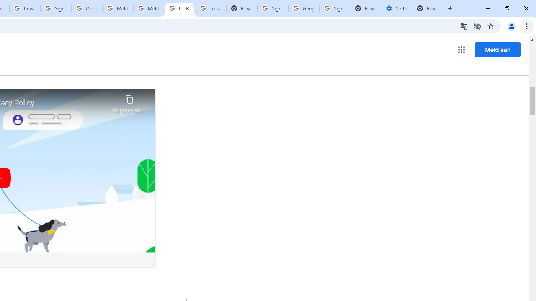  What do you see at coordinates (129, 102) in the screenshot?
I see `'Kopieer skakel'` at bounding box center [129, 102].